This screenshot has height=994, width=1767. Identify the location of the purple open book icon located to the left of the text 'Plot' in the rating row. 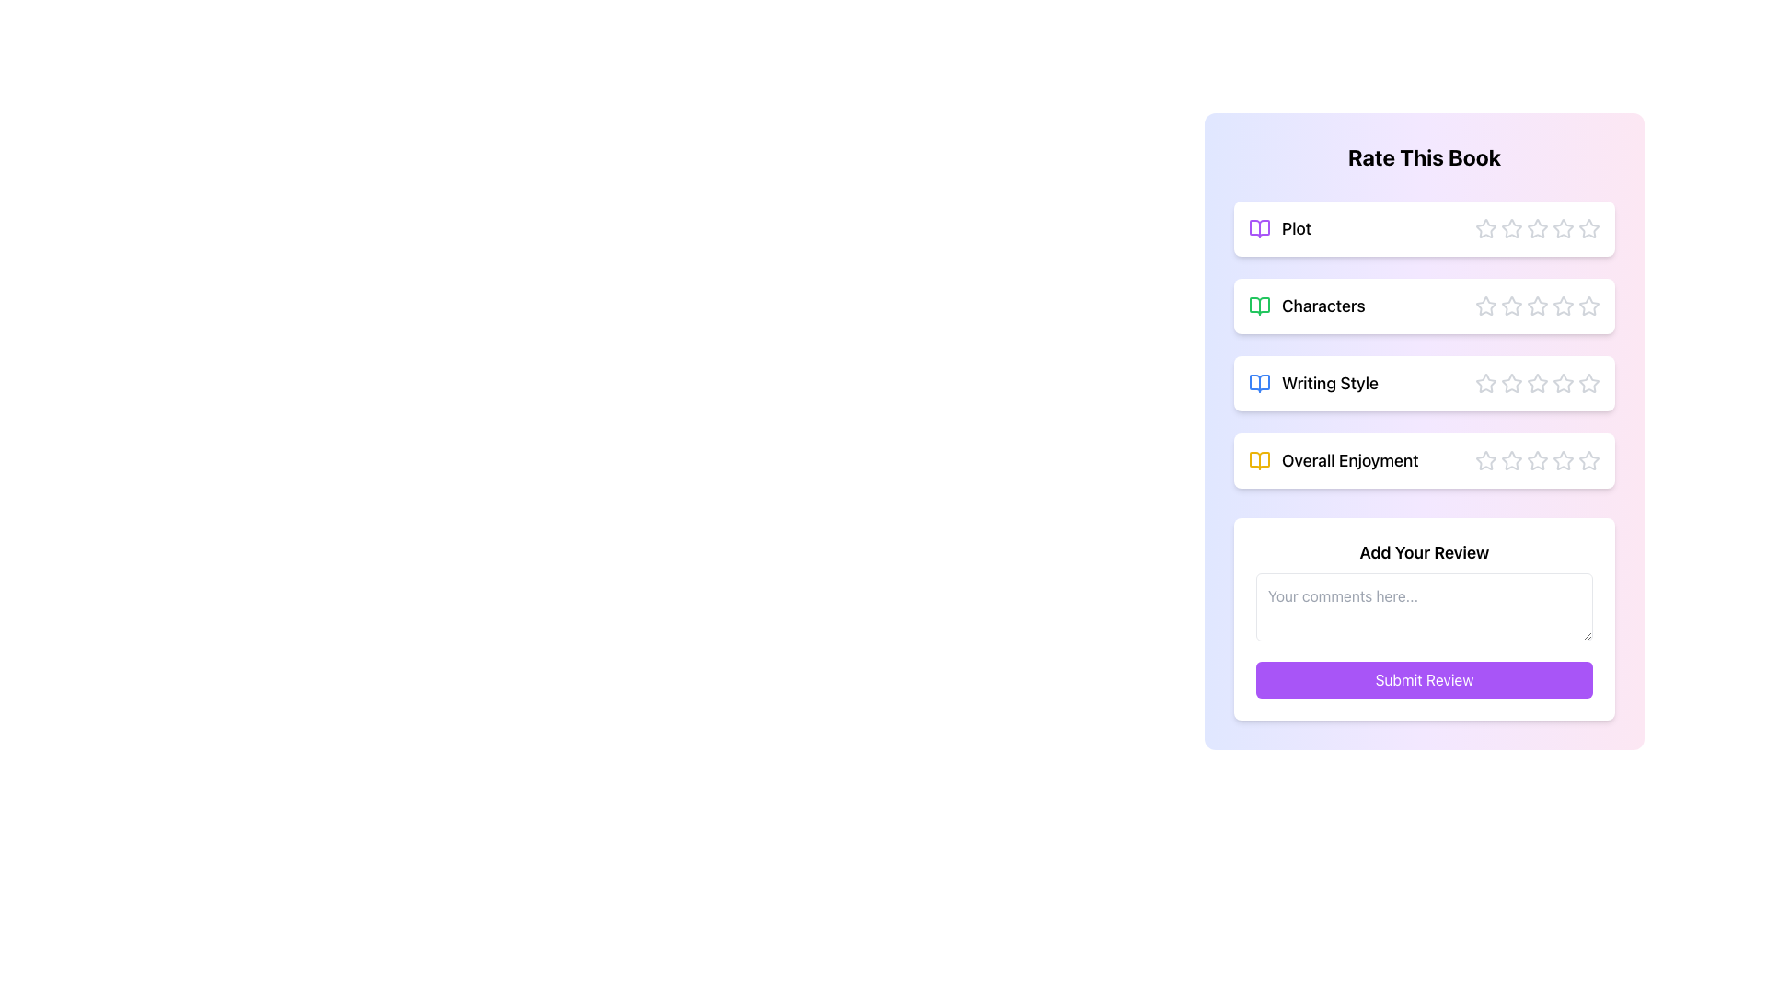
(1258, 228).